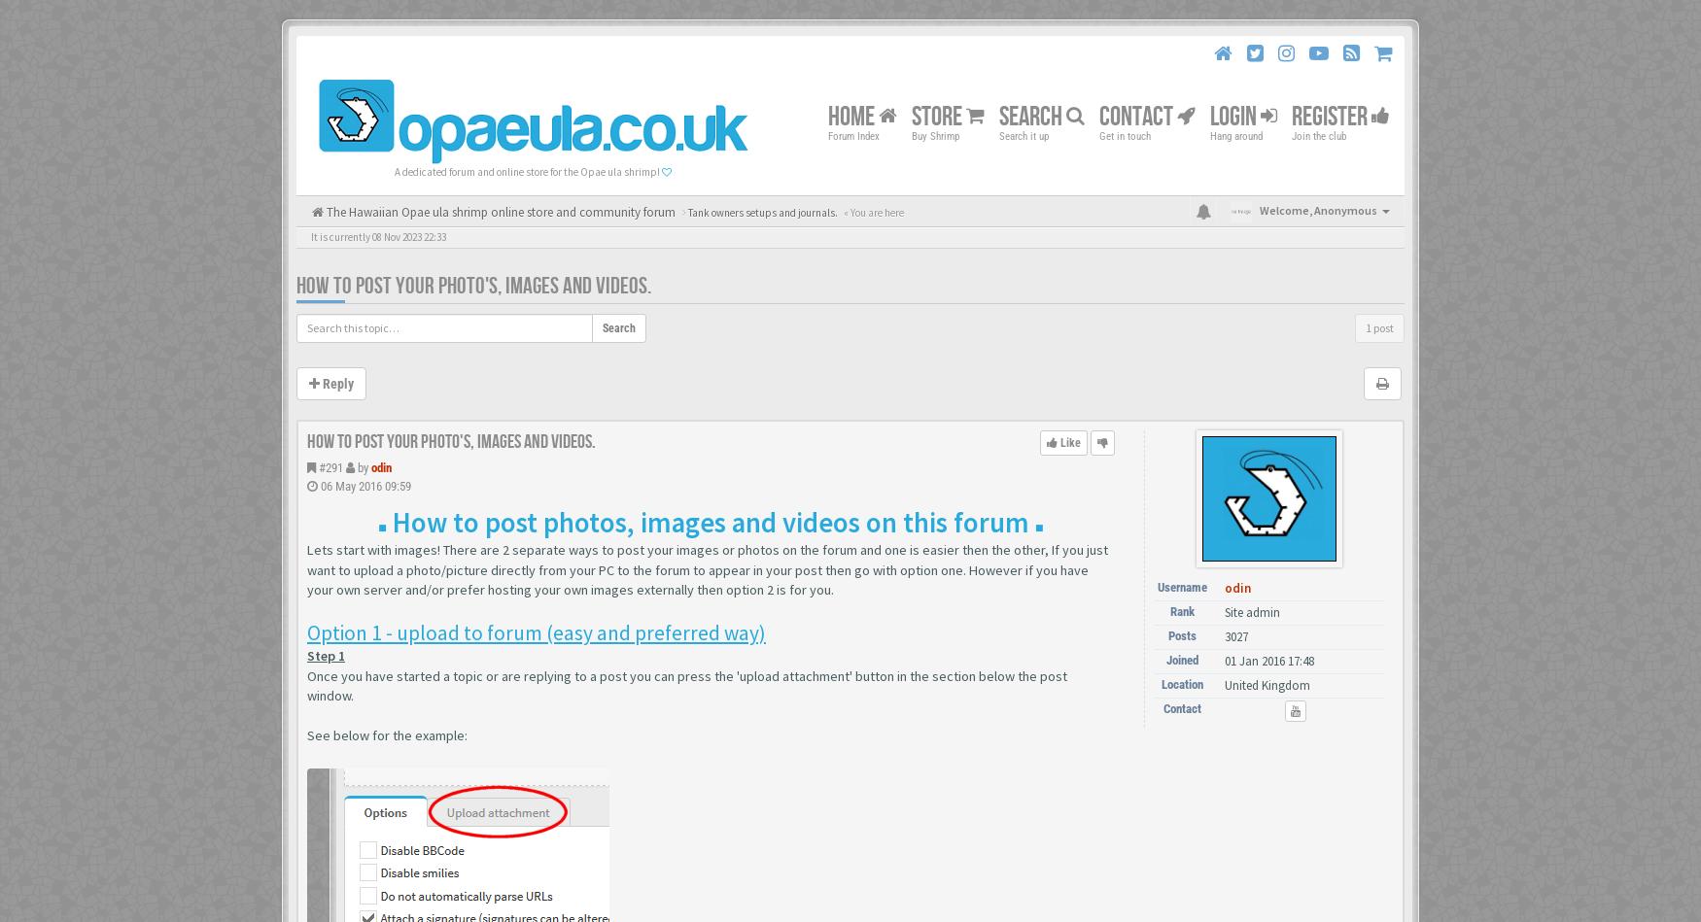 The height and width of the screenshot is (922, 1701). I want to click on 'Username', so click(1158, 586).